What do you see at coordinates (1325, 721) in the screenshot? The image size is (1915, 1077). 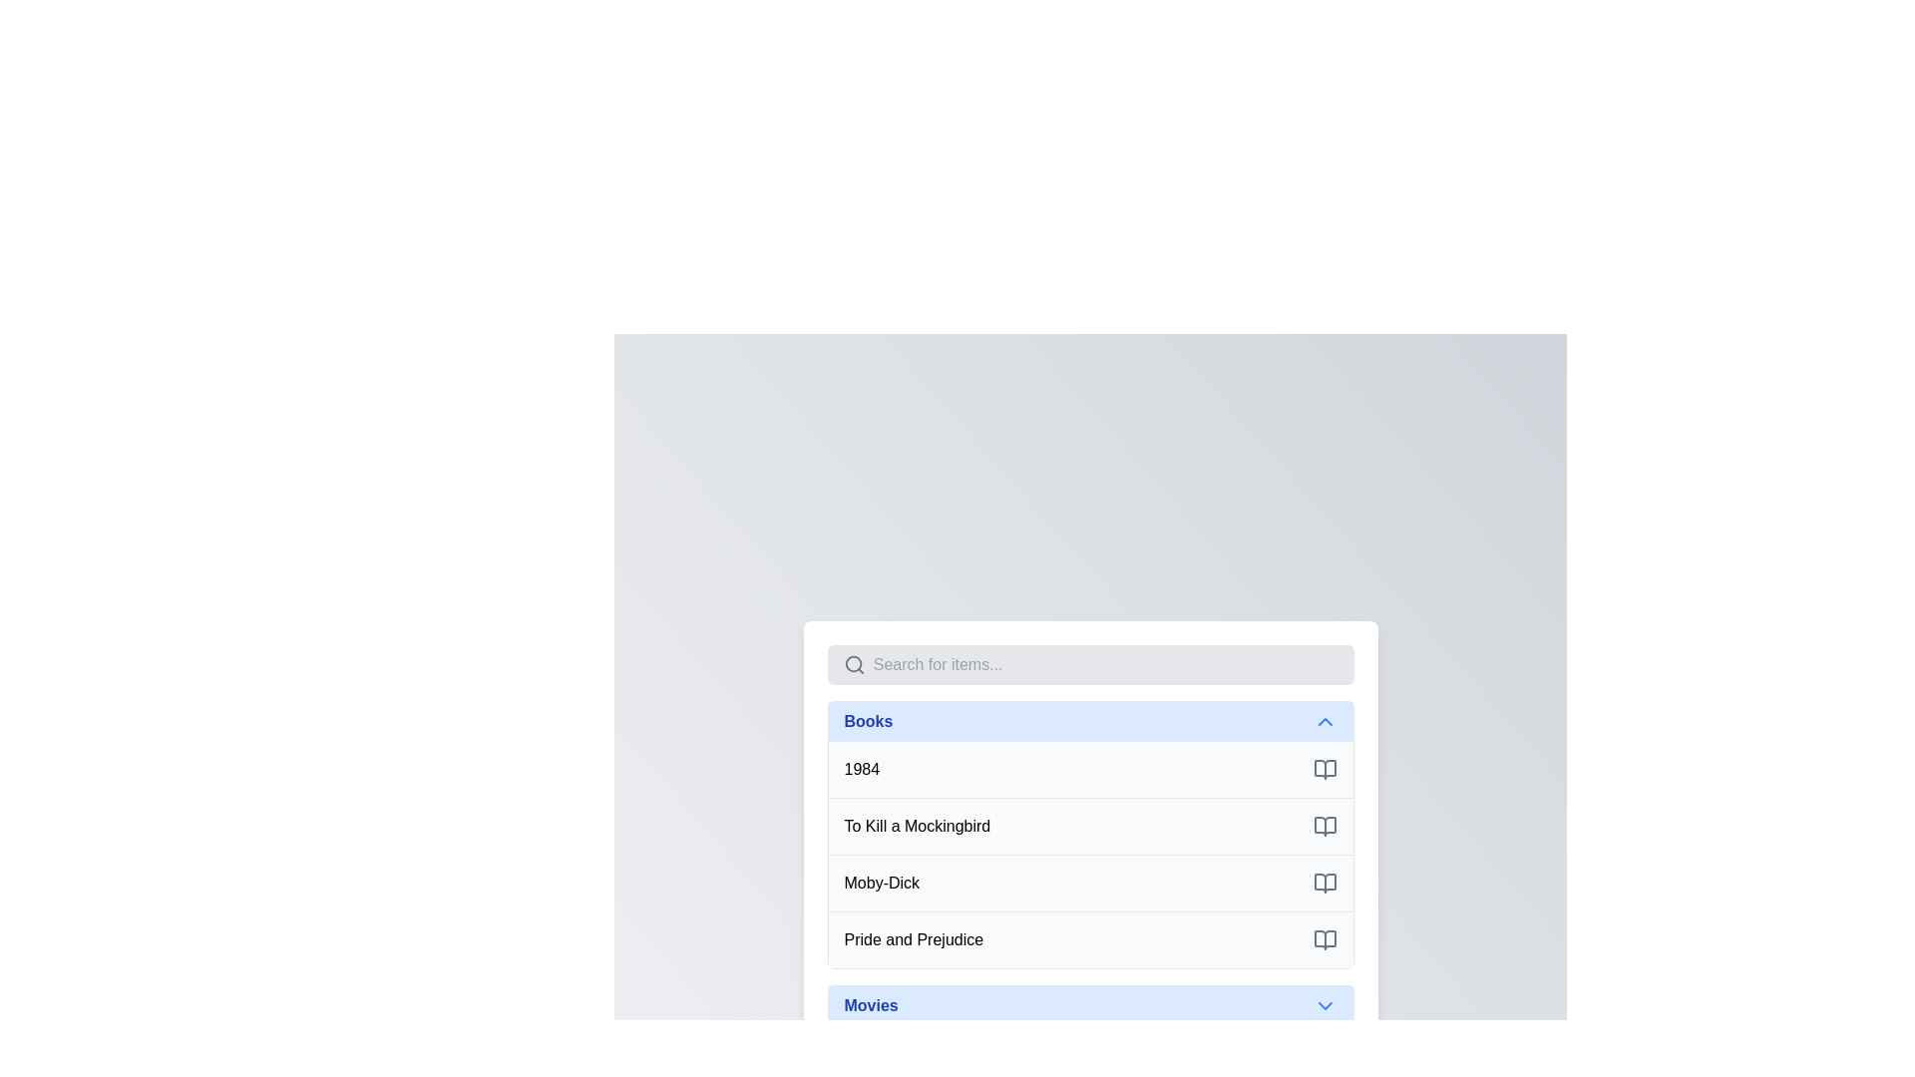 I see `the Icon (Chevron-Up) located at the top-right corner of the 'Books' section` at bounding box center [1325, 721].